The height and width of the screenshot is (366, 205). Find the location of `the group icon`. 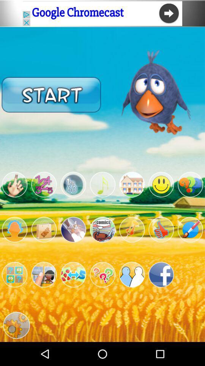

the group icon is located at coordinates (131, 294).